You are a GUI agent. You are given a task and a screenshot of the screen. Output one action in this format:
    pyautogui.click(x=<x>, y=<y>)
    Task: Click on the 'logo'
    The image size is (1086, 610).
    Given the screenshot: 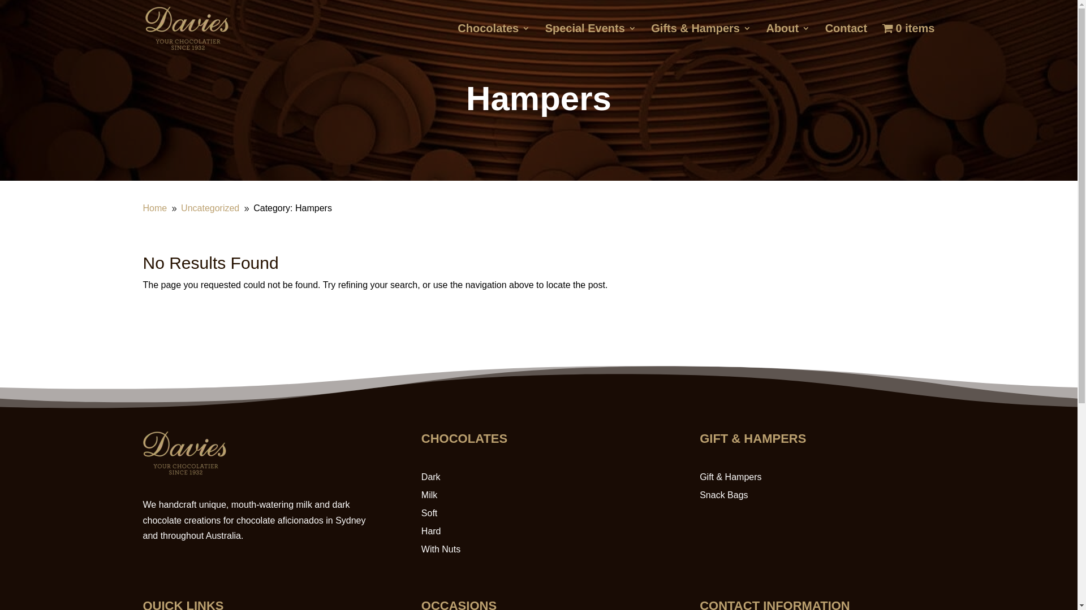 What is the action you would take?
    pyautogui.click(x=184, y=472)
    